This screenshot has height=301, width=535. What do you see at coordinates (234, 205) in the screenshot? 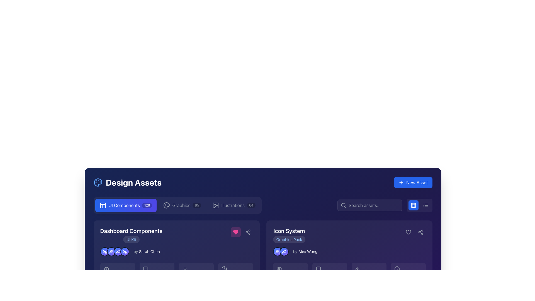
I see `the third navigation button in the horizontal menu bar` at bounding box center [234, 205].